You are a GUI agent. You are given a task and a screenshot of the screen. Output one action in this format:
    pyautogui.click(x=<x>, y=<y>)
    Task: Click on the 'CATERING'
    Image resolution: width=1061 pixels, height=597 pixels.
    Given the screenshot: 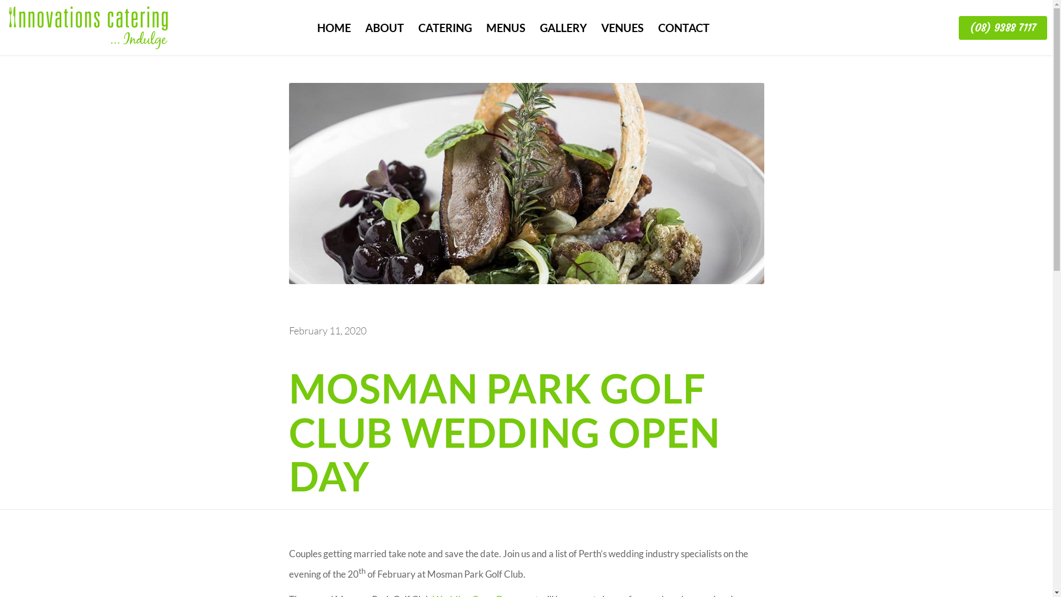 What is the action you would take?
    pyautogui.click(x=445, y=33)
    